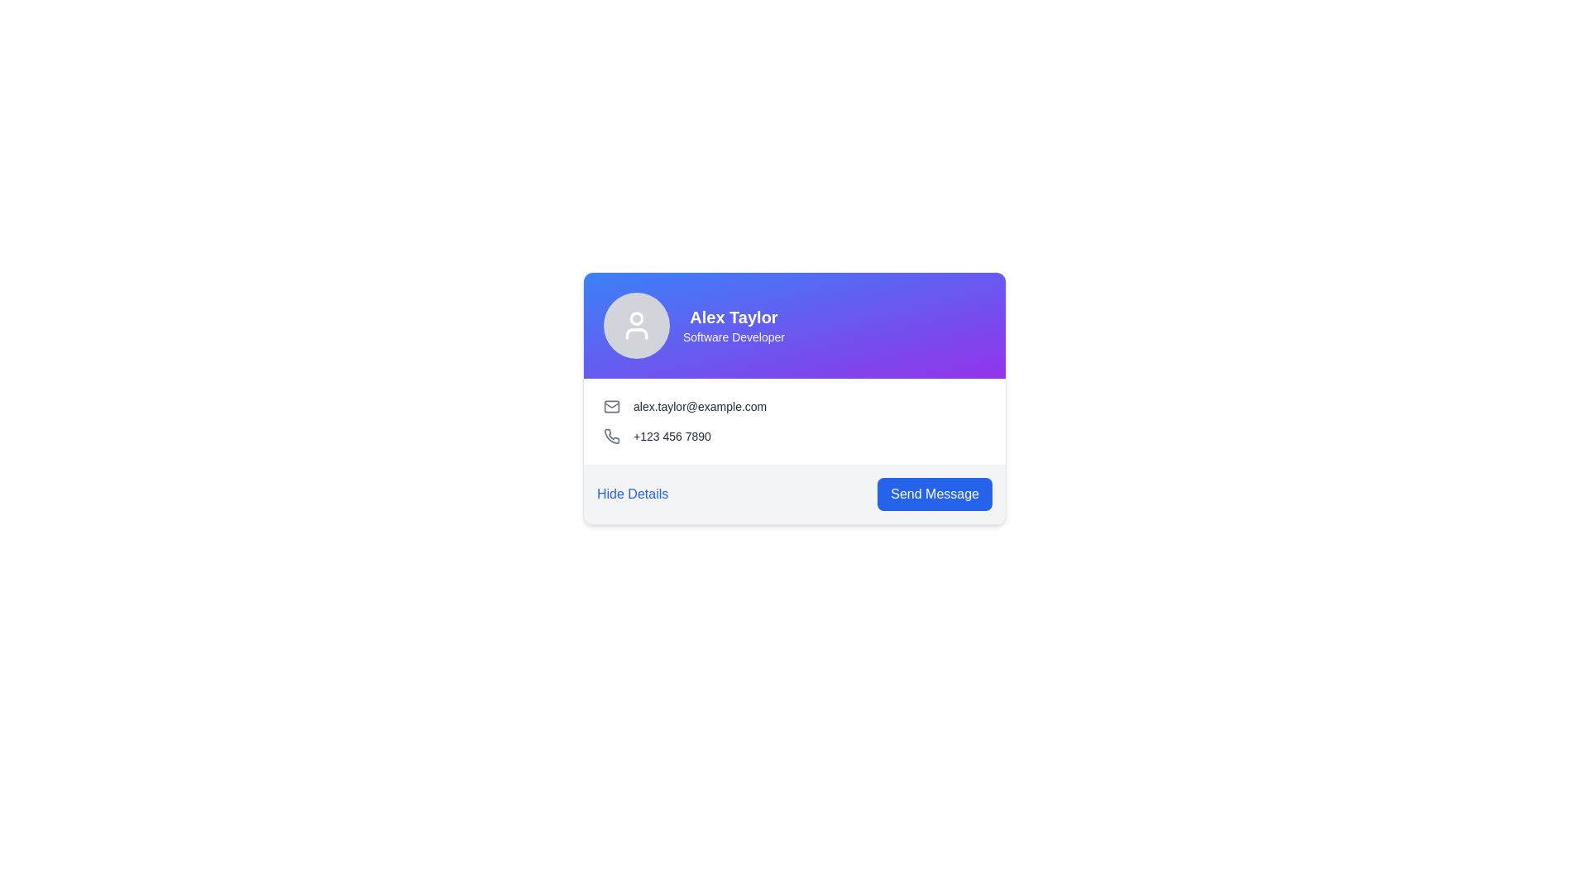 The image size is (1588, 893). What do you see at coordinates (672, 436) in the screenshot?
I see `the text label displaying the phone number '+123 456 7890', located in the second row of the contact card, directly to the right of the phone icon` at bounding box center [672, 436].